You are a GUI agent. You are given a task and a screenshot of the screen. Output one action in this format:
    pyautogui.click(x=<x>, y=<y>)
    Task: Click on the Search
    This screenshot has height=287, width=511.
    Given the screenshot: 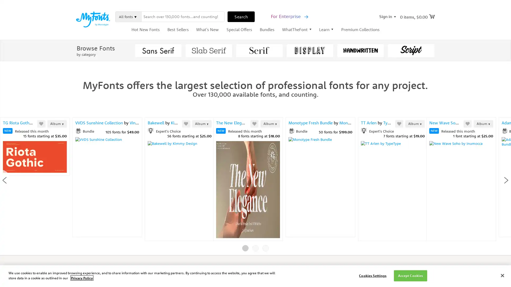 What is the action you would take?
    pyautogui.click(x=241, y=16)
    